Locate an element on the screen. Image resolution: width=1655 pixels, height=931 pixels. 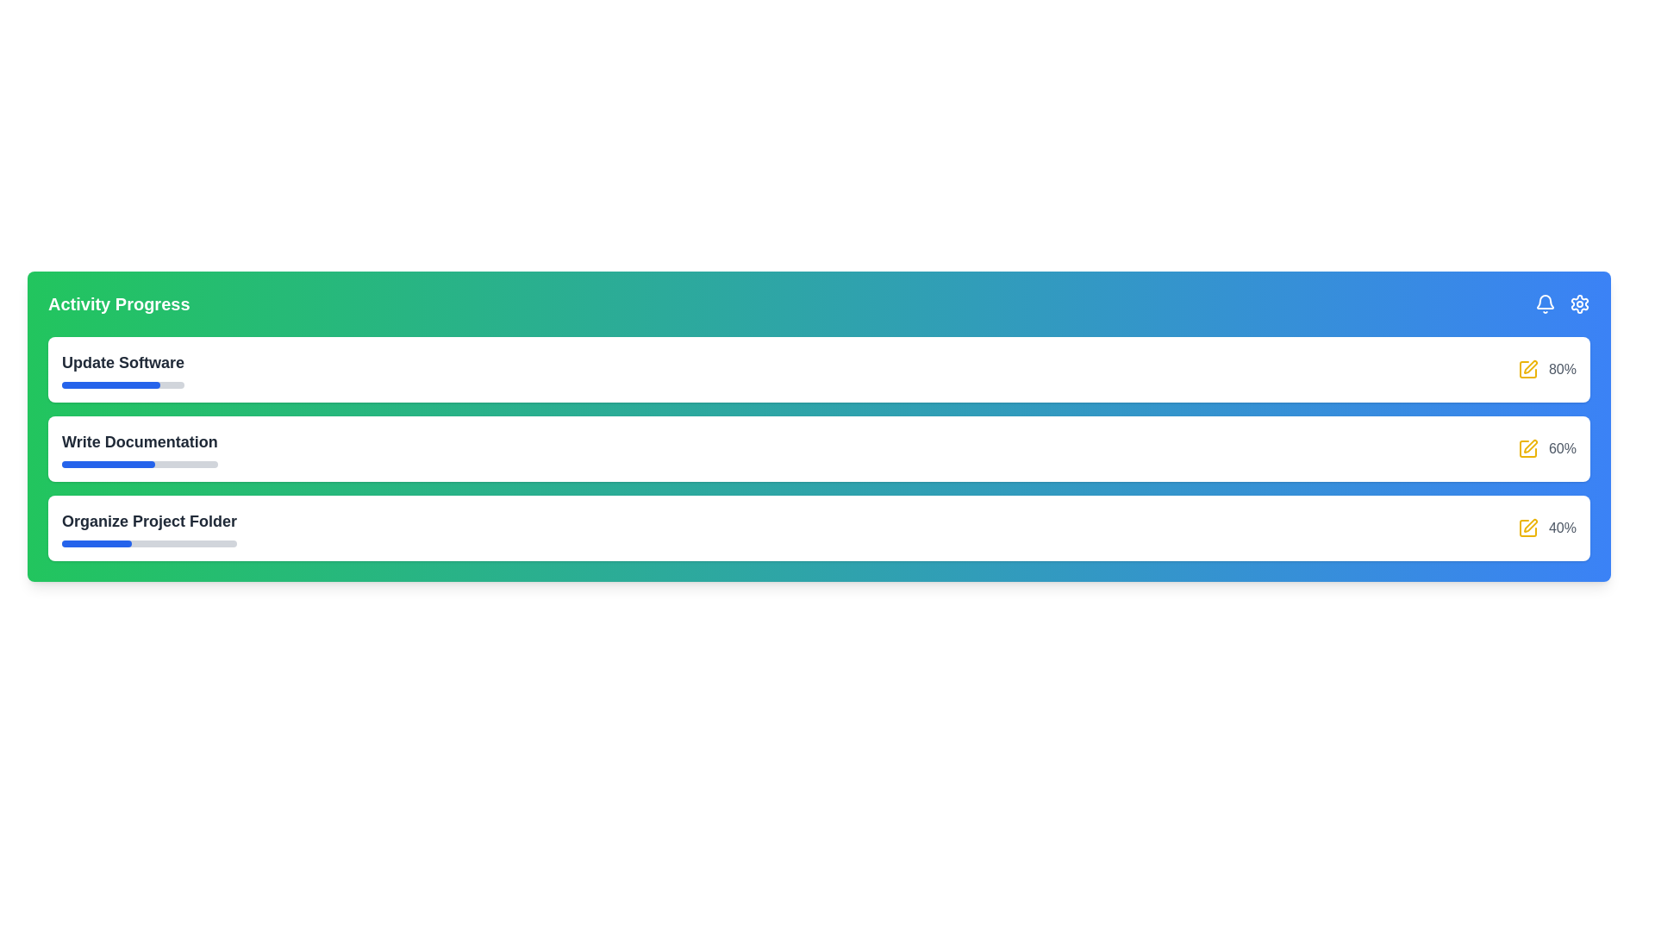
the text label for the task entry titled 'Organize Project Folder', which is the third item under the 'Activity Progress' section is located at coordinates (149, 521).